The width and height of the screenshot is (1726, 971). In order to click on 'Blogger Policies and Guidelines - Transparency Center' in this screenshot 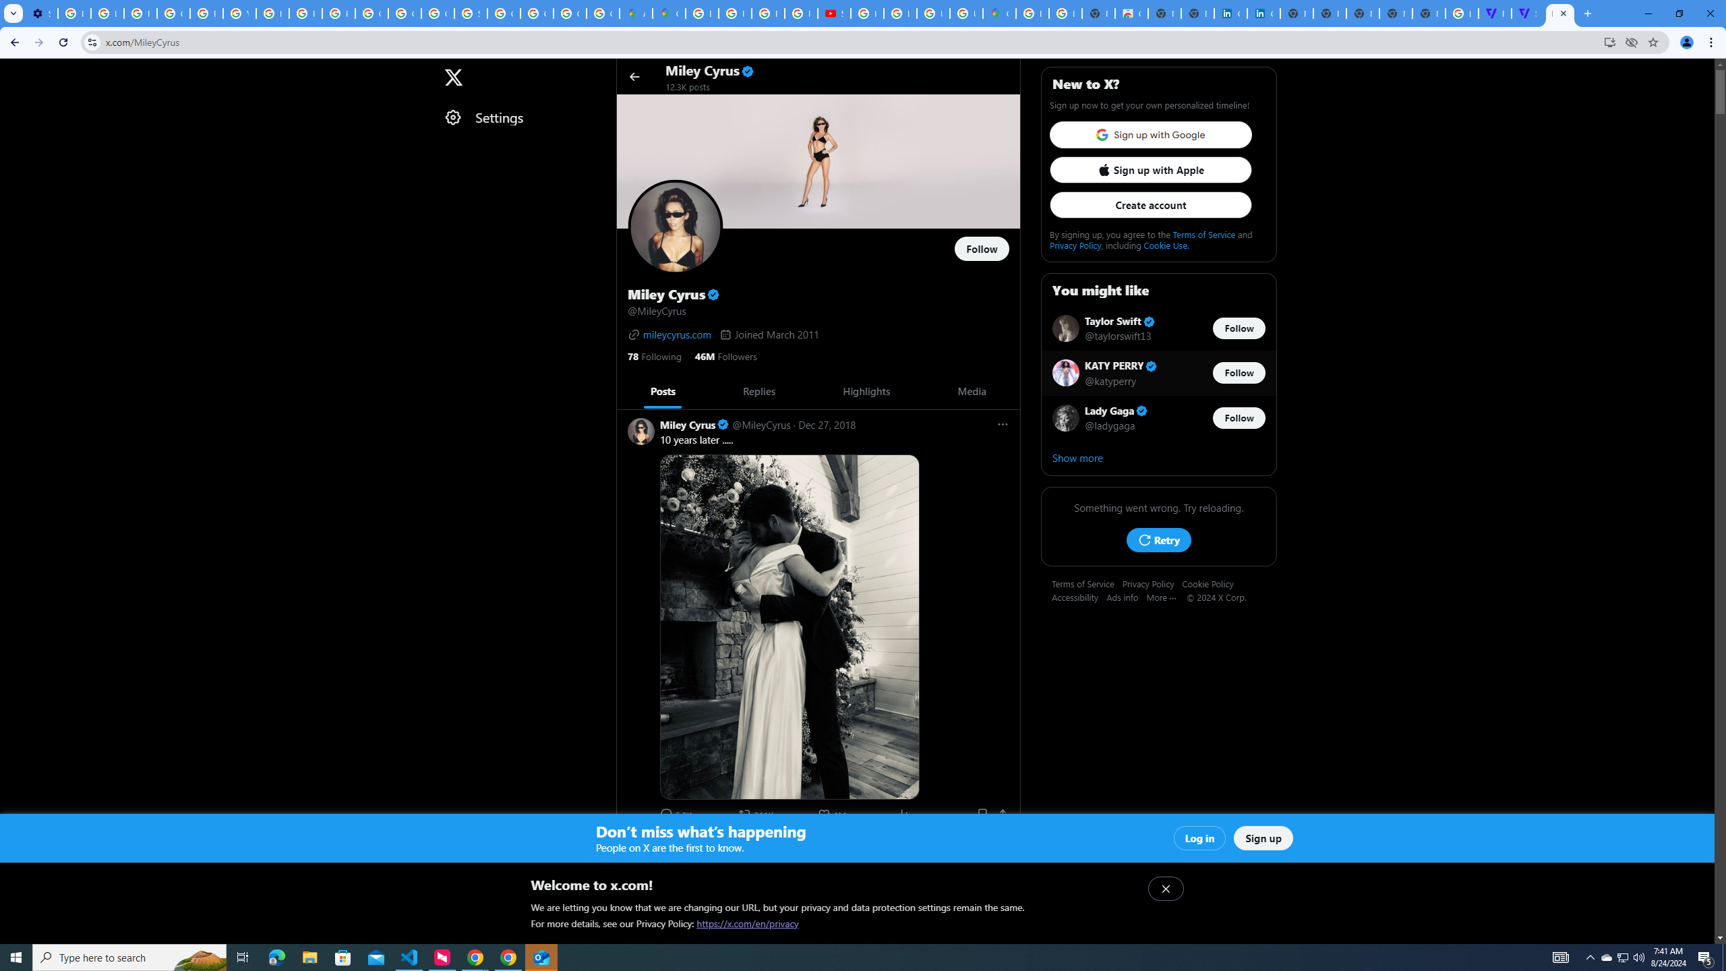, I will do `click(701, 13)`.